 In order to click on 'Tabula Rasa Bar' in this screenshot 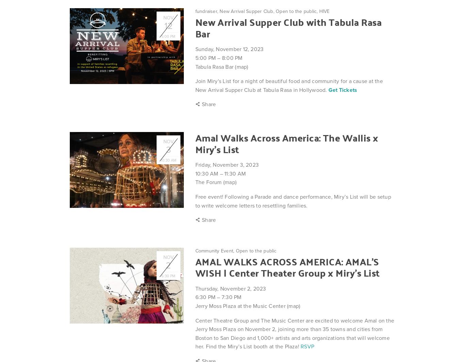, I will do `click(214, 66)`.